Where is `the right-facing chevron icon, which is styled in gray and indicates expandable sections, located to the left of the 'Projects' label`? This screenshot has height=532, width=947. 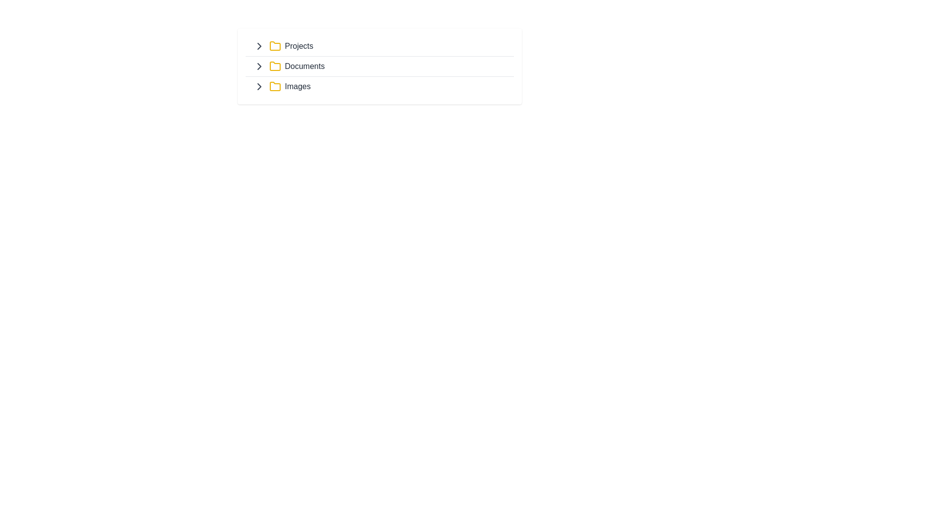
the right-facing chevron icon, which is styled in gray and indicates expandable sections, located to the left of the 'Projects' label is located at coordinates (259, 46).